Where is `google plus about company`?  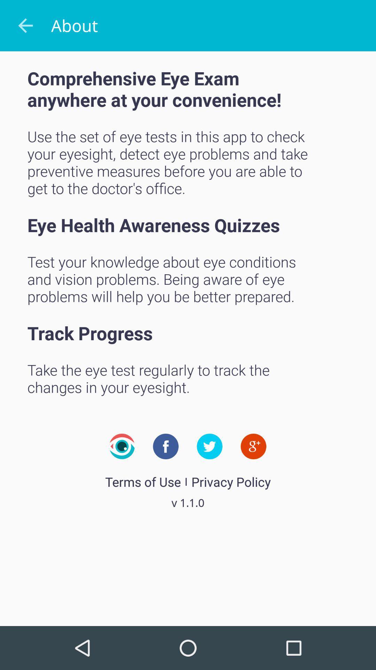 google plus about company is located at coordinates (253, 446).